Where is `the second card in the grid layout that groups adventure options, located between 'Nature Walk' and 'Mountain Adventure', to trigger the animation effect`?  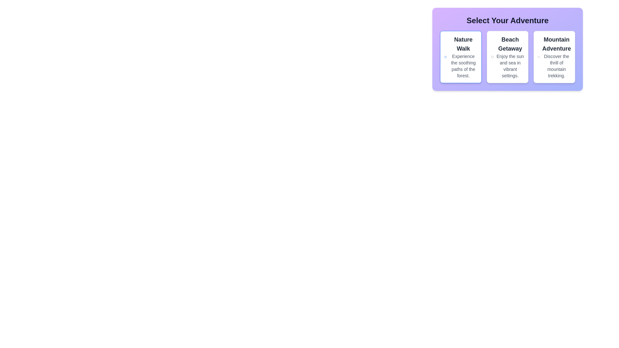 the second card in the grid layout that groups adventure options, located between 'Nature Walk' and 'Mountain Adventure', to trigger the animation effect is located at coordinates (507, 57).